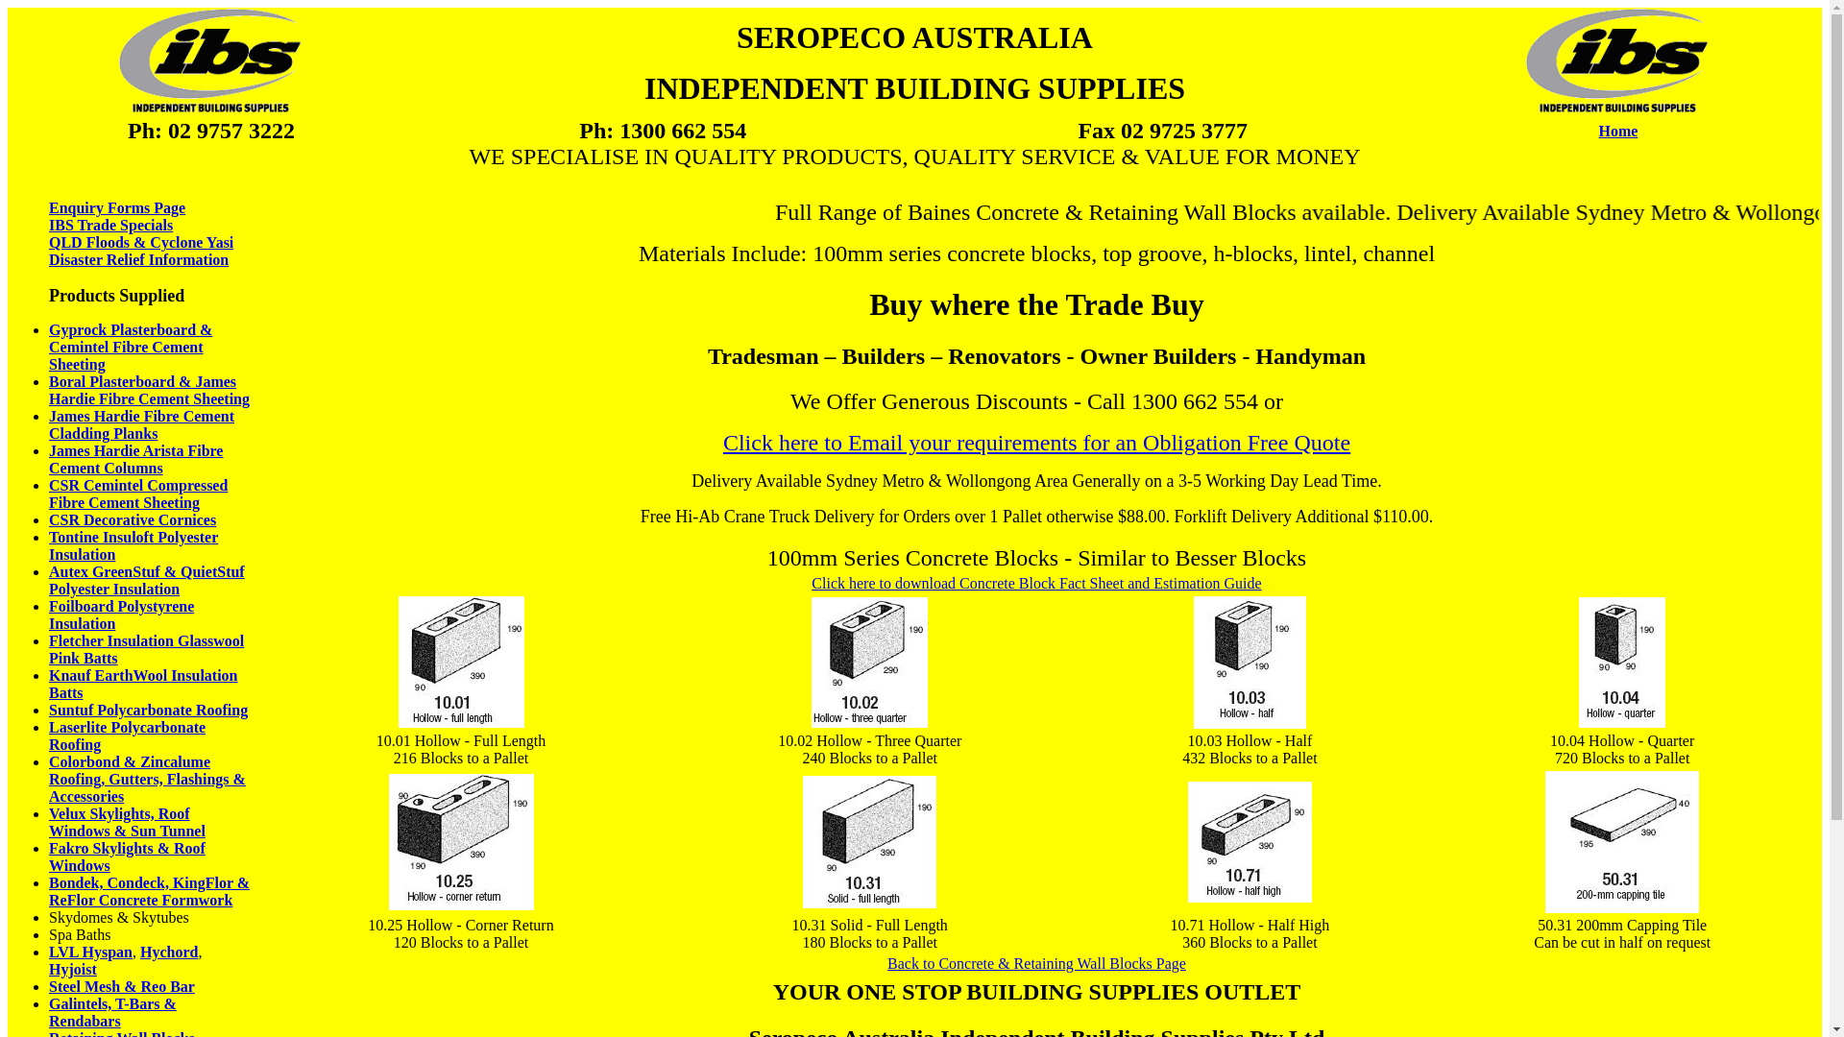 The width and height of the screenshot is (1844, 1037). I want to click on 'QLD Floods & Cyclone Yasi Disaster Relief Information', so click(140, 250).